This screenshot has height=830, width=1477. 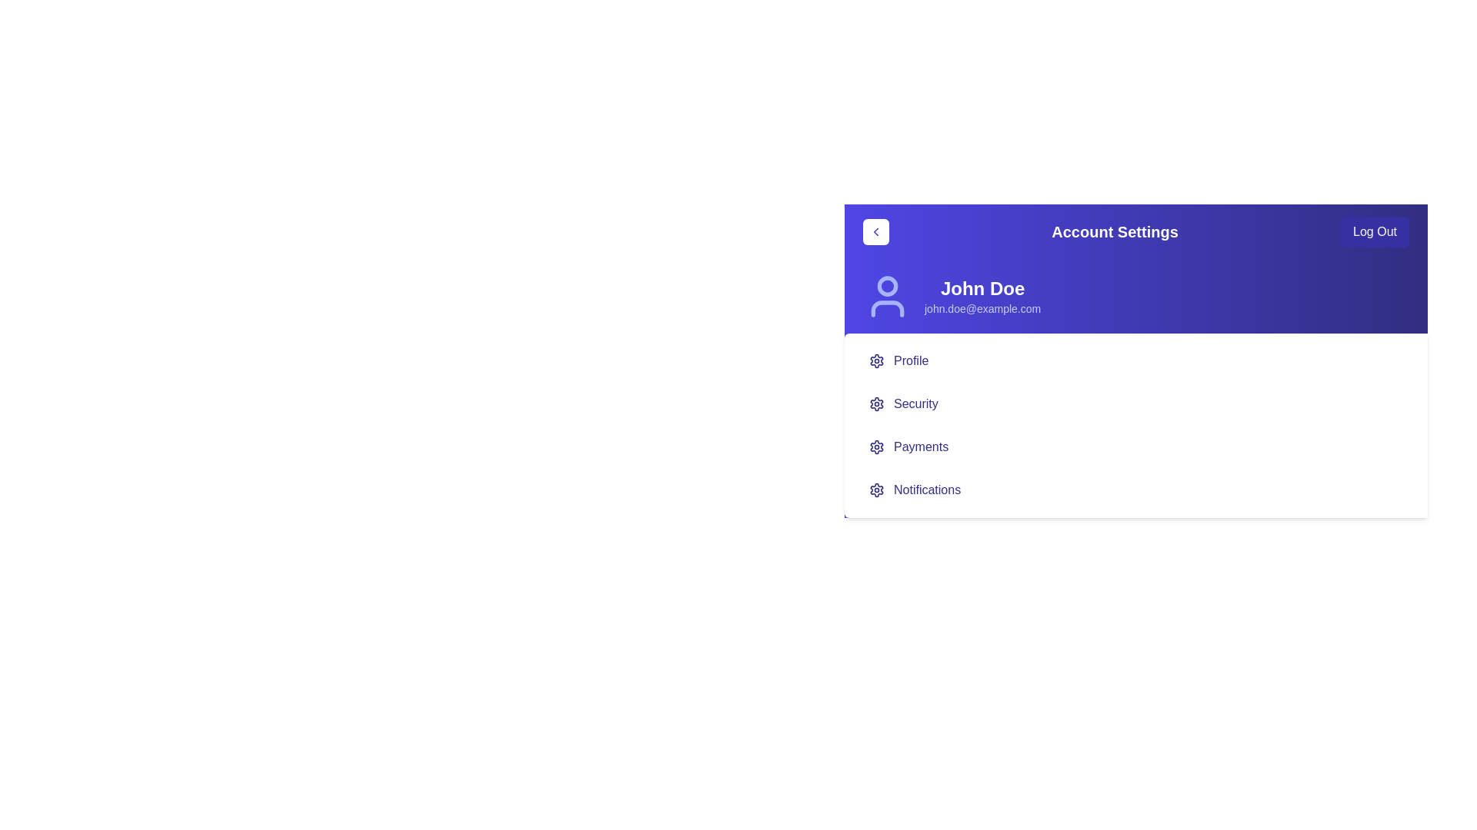 What do you see at coordinates (887, 296) in the screenshot?
I see `the user icon represented by an SVG graphic with a circular head and semicircular torso, styled in indigo with light blue accents, located in the top-left section of the user's profile card` at bounding box center [887, 296].